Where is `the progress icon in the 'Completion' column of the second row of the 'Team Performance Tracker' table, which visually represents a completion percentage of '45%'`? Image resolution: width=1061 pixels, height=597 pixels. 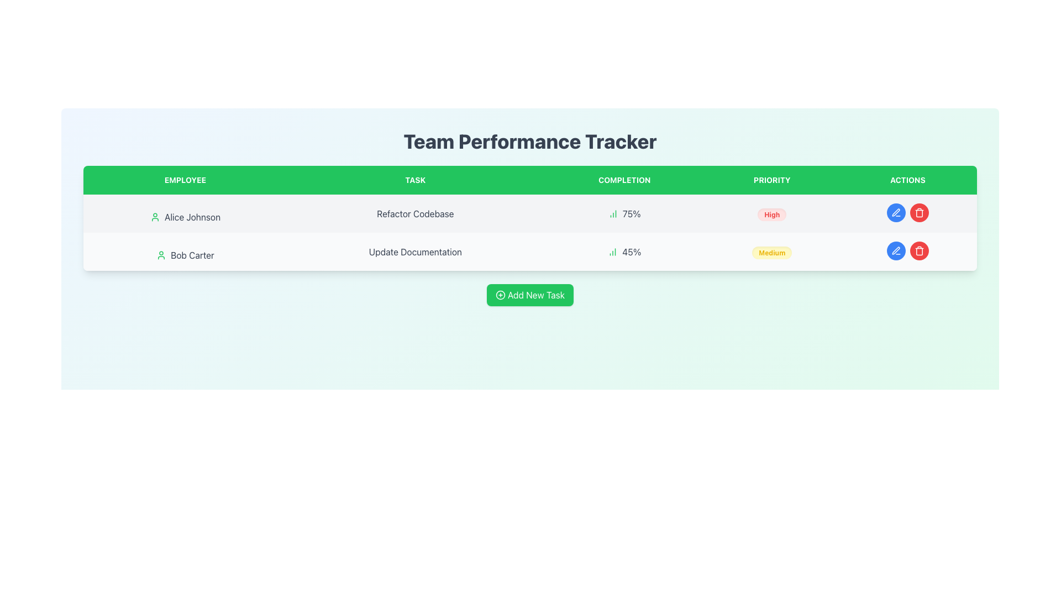 the progress icon in the 'Completion' column of the second row of the 'Team Performance Tracker' table, which visually represents a completion percentage of '45%' is located at coordinates (612, 252).